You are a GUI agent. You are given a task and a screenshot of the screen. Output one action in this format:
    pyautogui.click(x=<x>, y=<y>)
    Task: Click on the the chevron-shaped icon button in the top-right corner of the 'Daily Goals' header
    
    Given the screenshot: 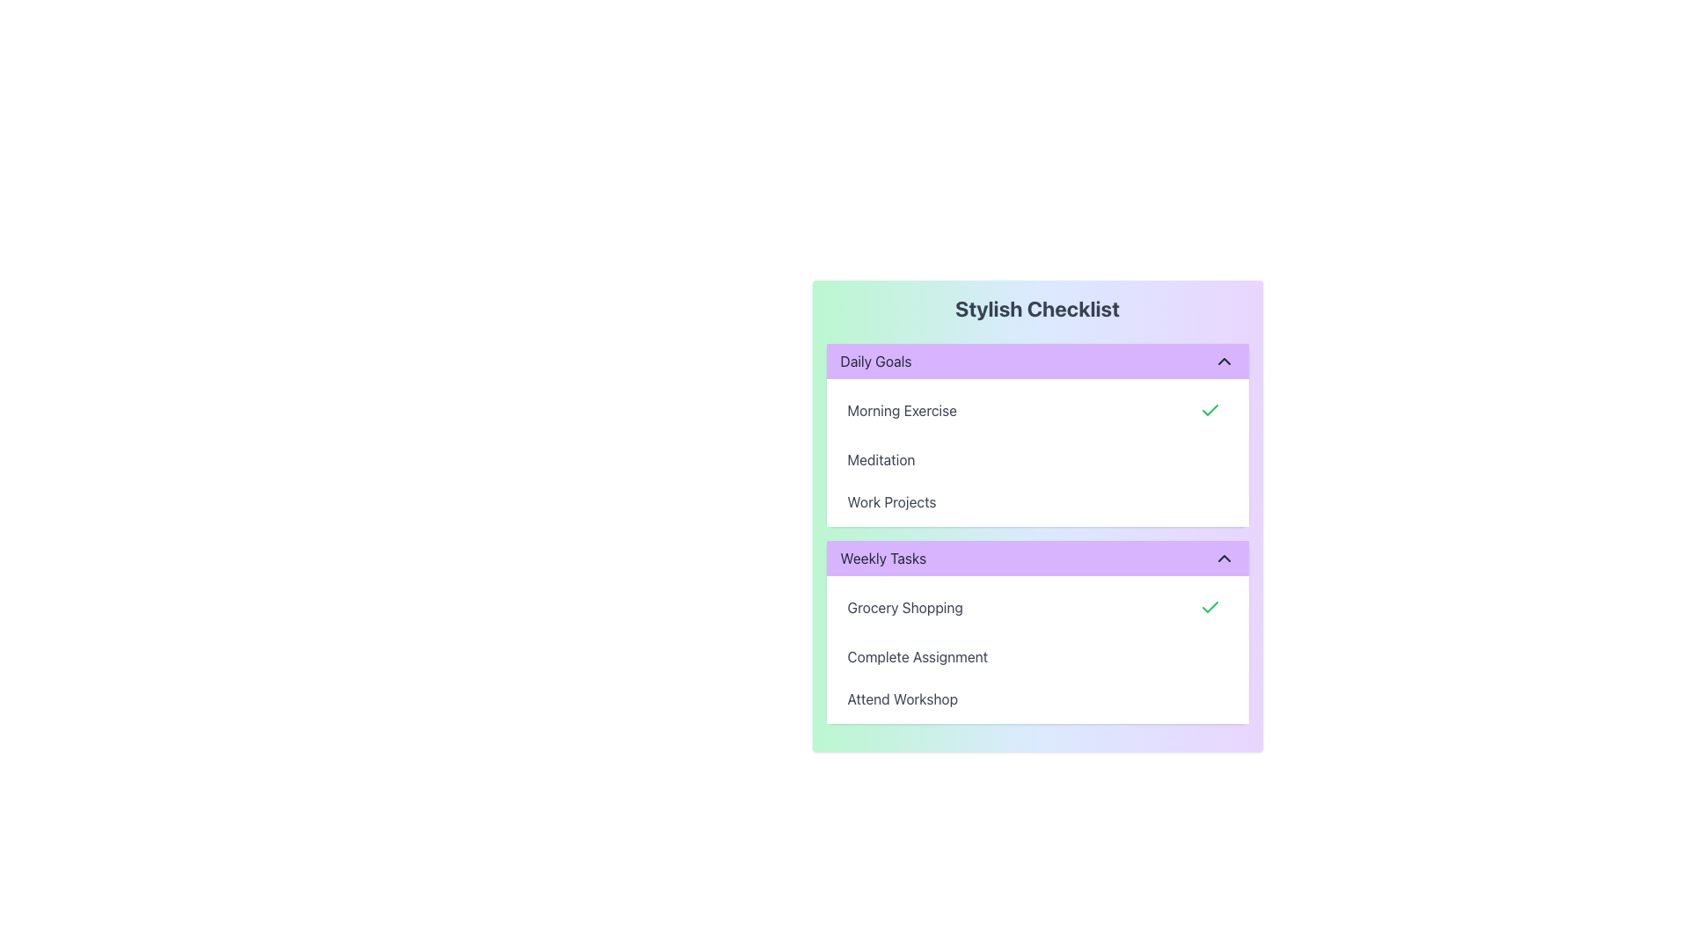 What is the action you would take?
    pyautogui.click(x=1223, y=361)
    